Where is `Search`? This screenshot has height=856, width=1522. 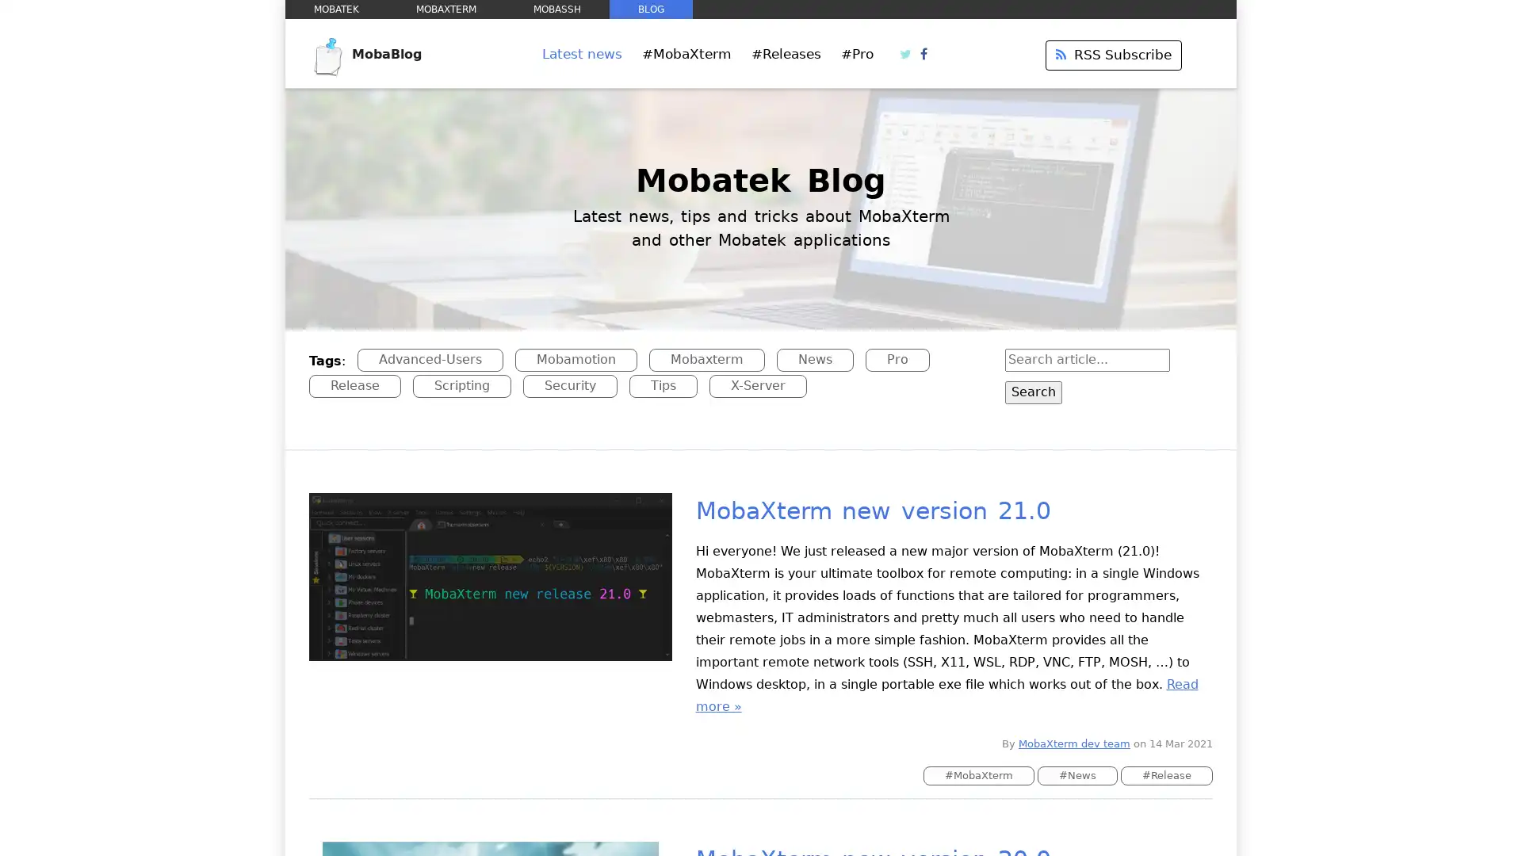 Search is located at coordinates (1032, 392).